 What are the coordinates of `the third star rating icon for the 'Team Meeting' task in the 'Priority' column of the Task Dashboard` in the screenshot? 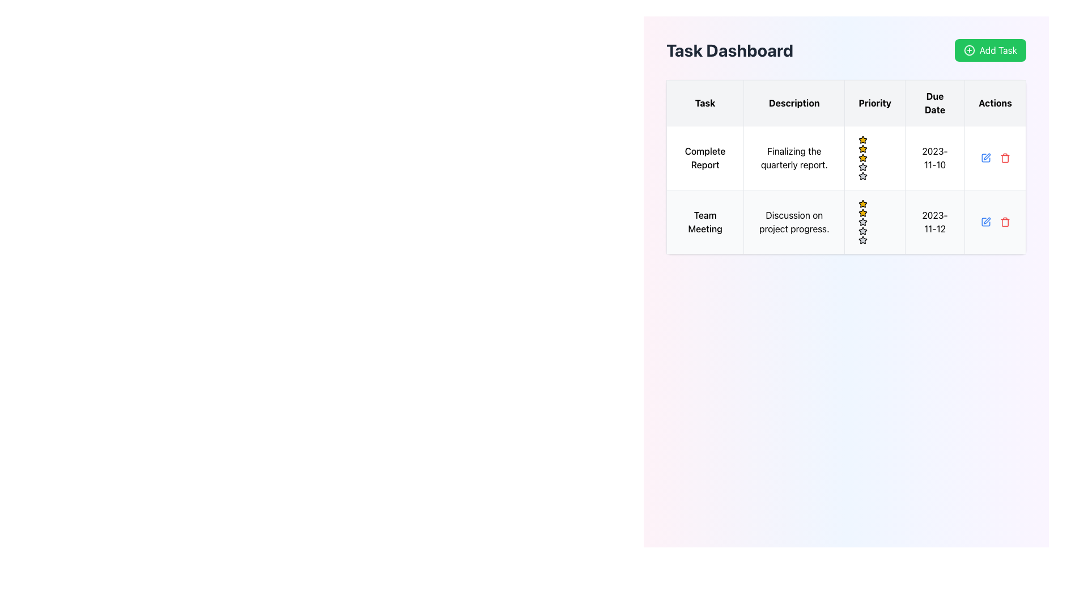 It's located at (862, 239).